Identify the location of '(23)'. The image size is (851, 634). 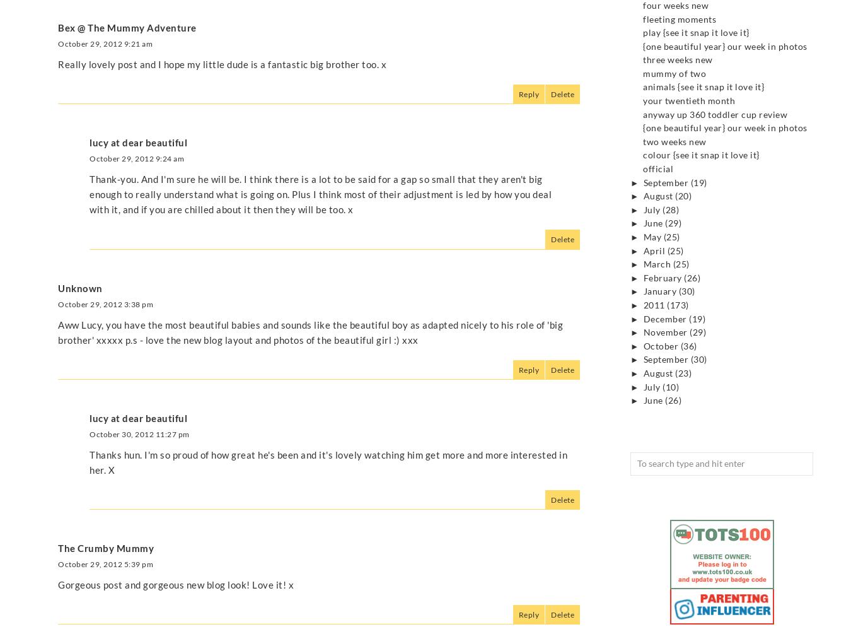
(683, 372).